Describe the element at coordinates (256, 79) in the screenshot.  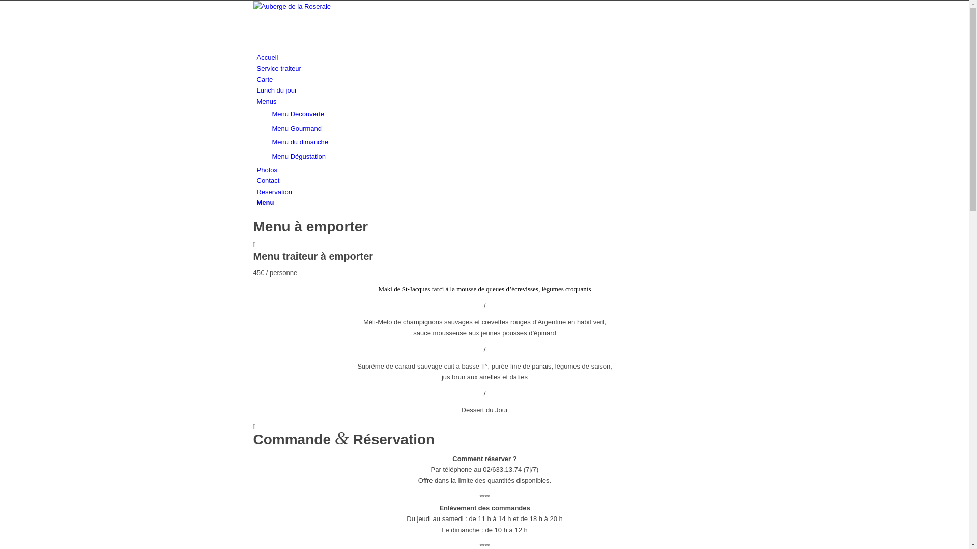
I see `'Carte'` at that location.